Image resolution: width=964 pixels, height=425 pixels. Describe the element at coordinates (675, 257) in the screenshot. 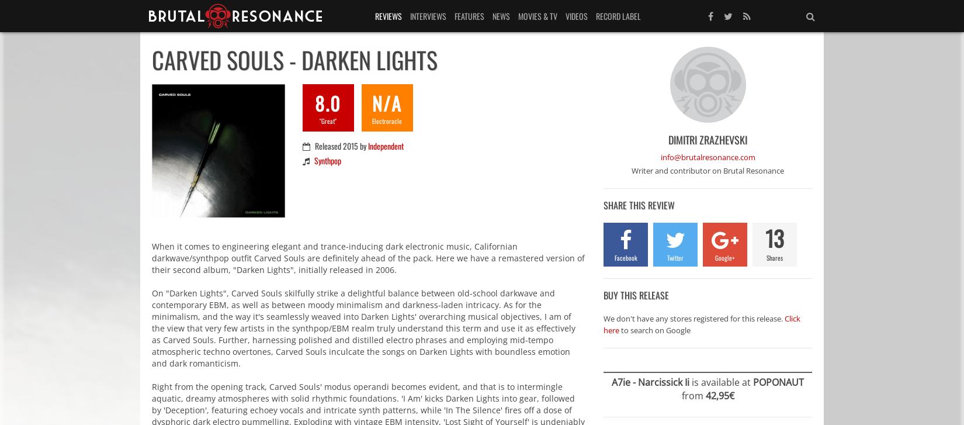

I see `'Twitter'` at that location.